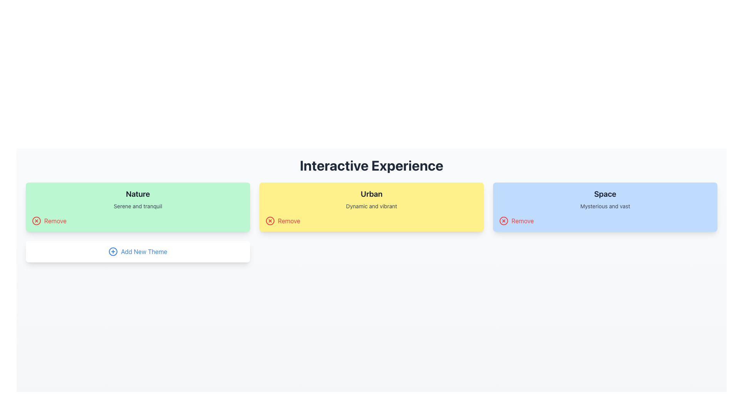  I want to click on the 'Remove' action icon located within the green 'Nature' section, so click(36, 221).